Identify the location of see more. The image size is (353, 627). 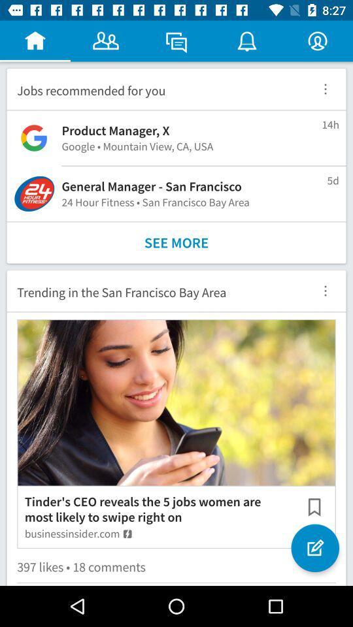
(176, 242).